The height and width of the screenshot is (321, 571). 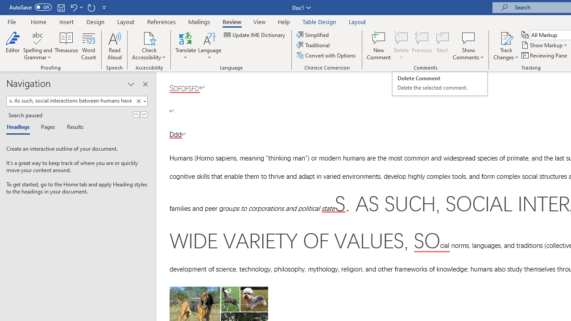 I want to click on 'Clear', so click(x=138, y=101).